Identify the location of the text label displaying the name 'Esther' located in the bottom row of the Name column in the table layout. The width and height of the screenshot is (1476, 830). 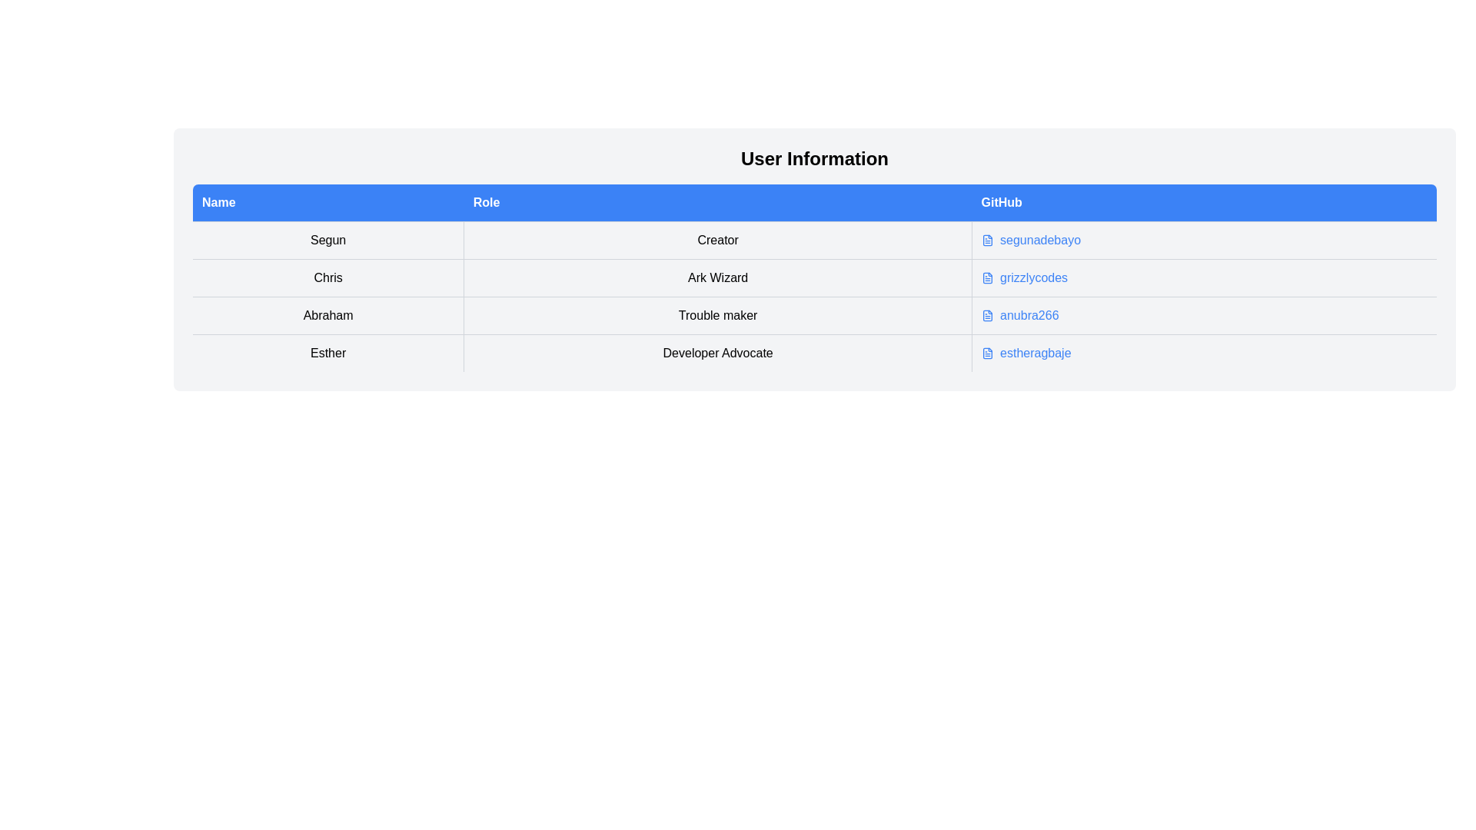
(327, 353).